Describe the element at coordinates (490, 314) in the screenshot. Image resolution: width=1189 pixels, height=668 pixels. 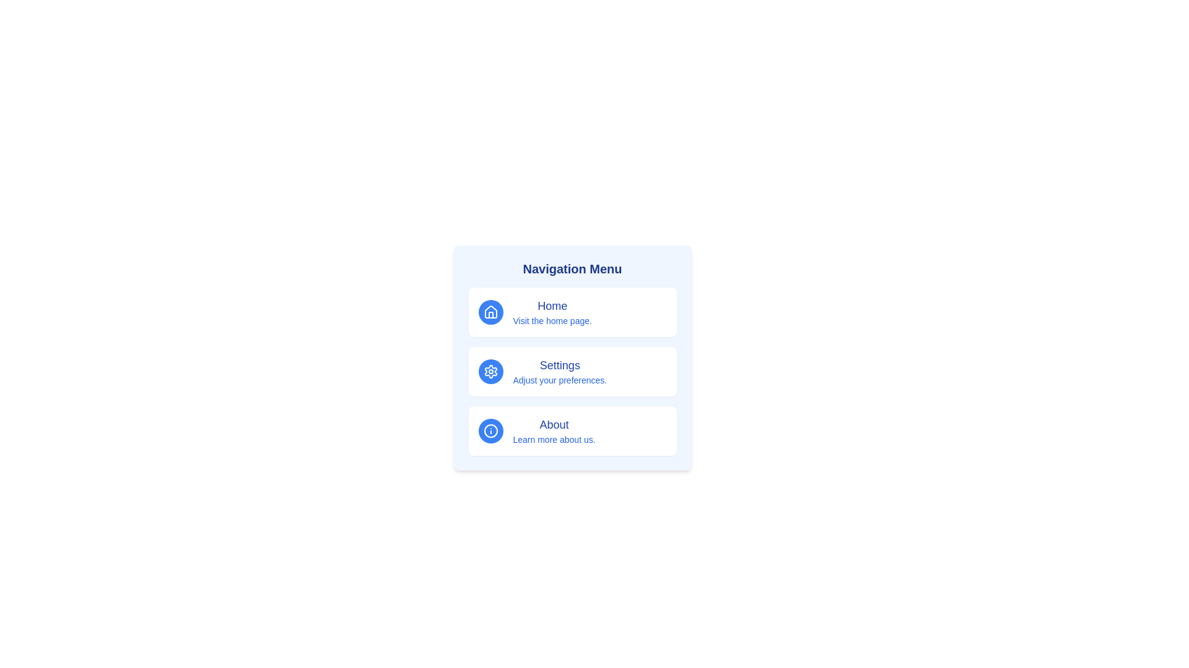
I see `the lower part of the house icon representing the base structure of the home illustration located in the first option of the navigation menu` at that location.